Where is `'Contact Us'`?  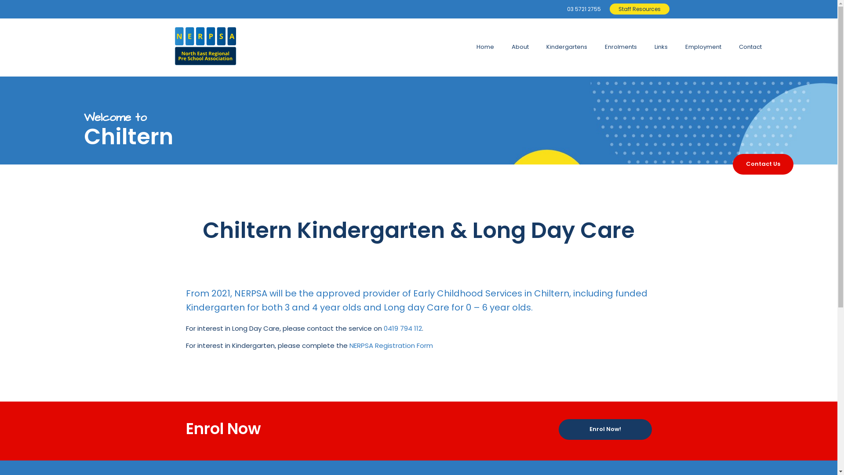
'Contact Us' is located at coordinates (763, 164).